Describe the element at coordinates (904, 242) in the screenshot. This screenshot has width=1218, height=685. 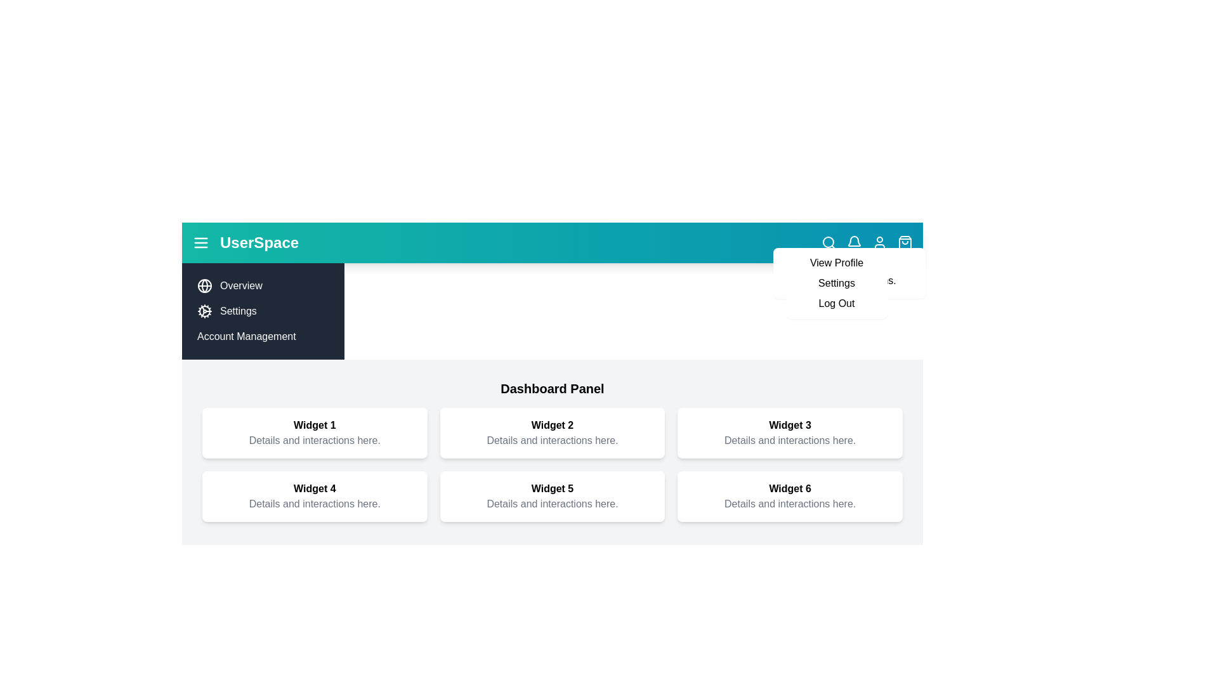
I see `the shopping bag icon, which is the fifth icon from the left in the top-right navigation bar` at that location.